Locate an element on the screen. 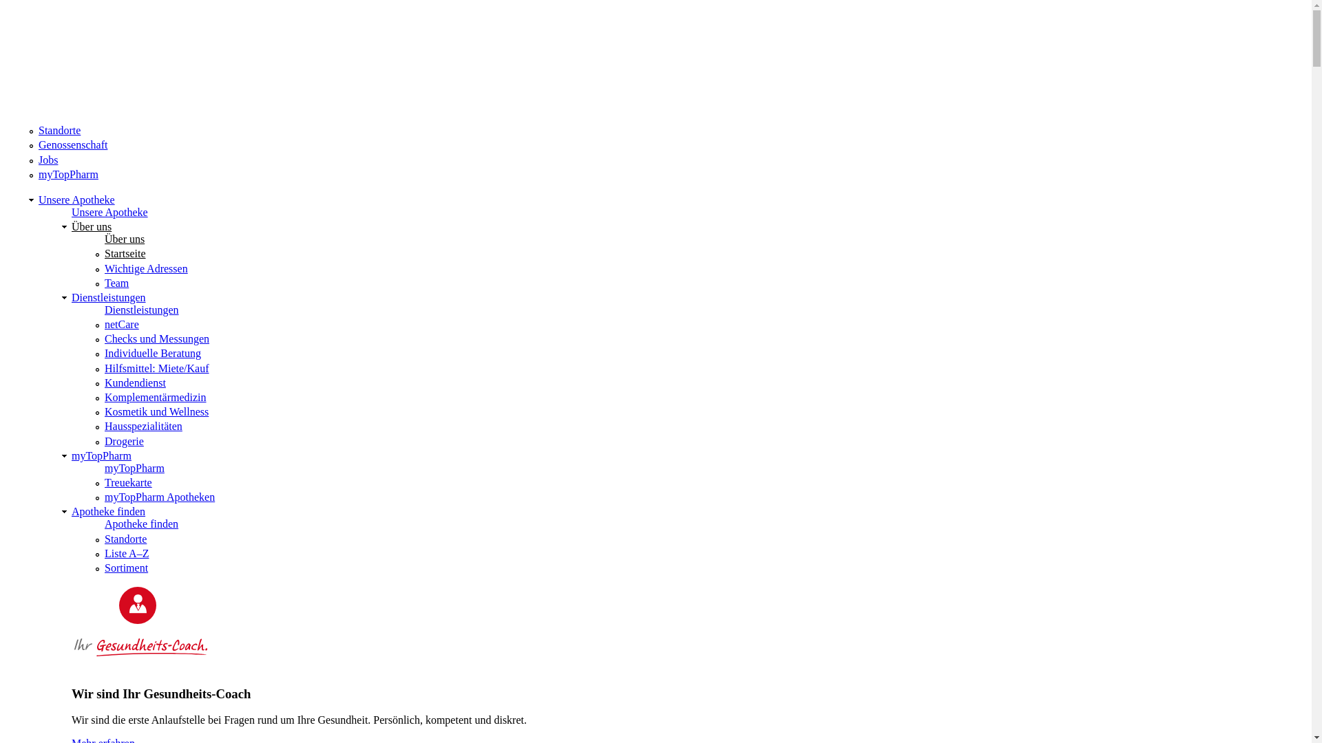  'Jobs' is located at coordinates (48, 159).